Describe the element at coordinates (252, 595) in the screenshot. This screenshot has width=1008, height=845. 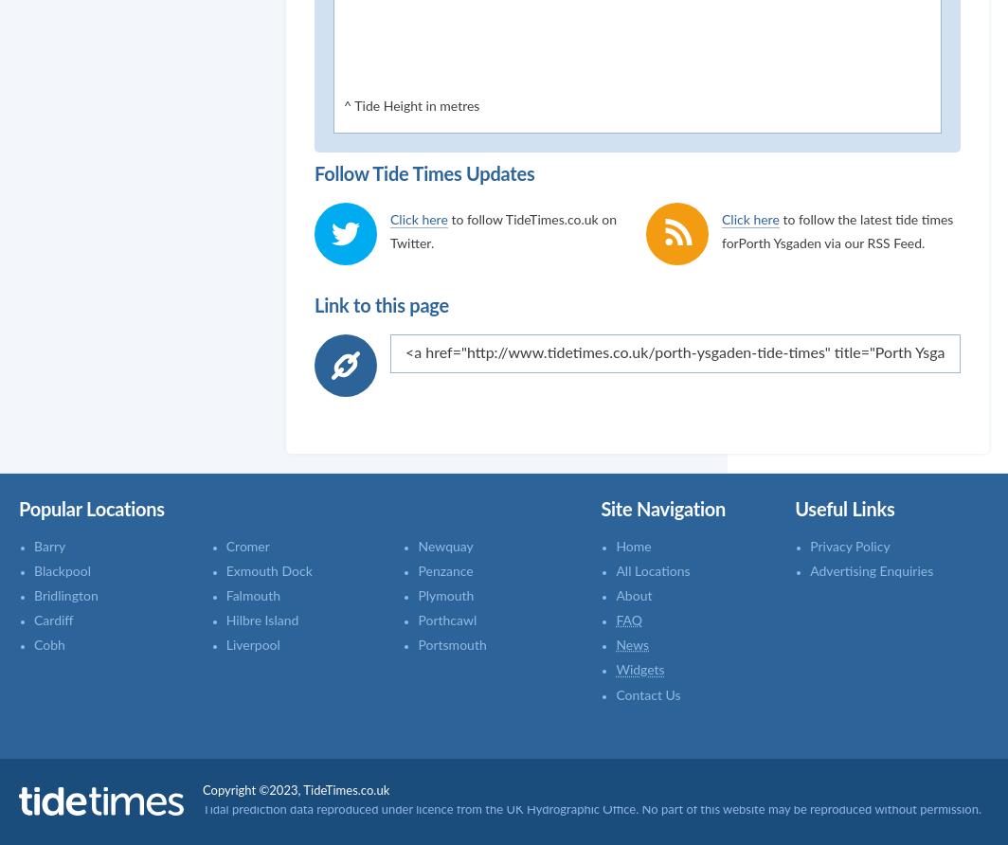
I see `'Falmouth'` at that location.